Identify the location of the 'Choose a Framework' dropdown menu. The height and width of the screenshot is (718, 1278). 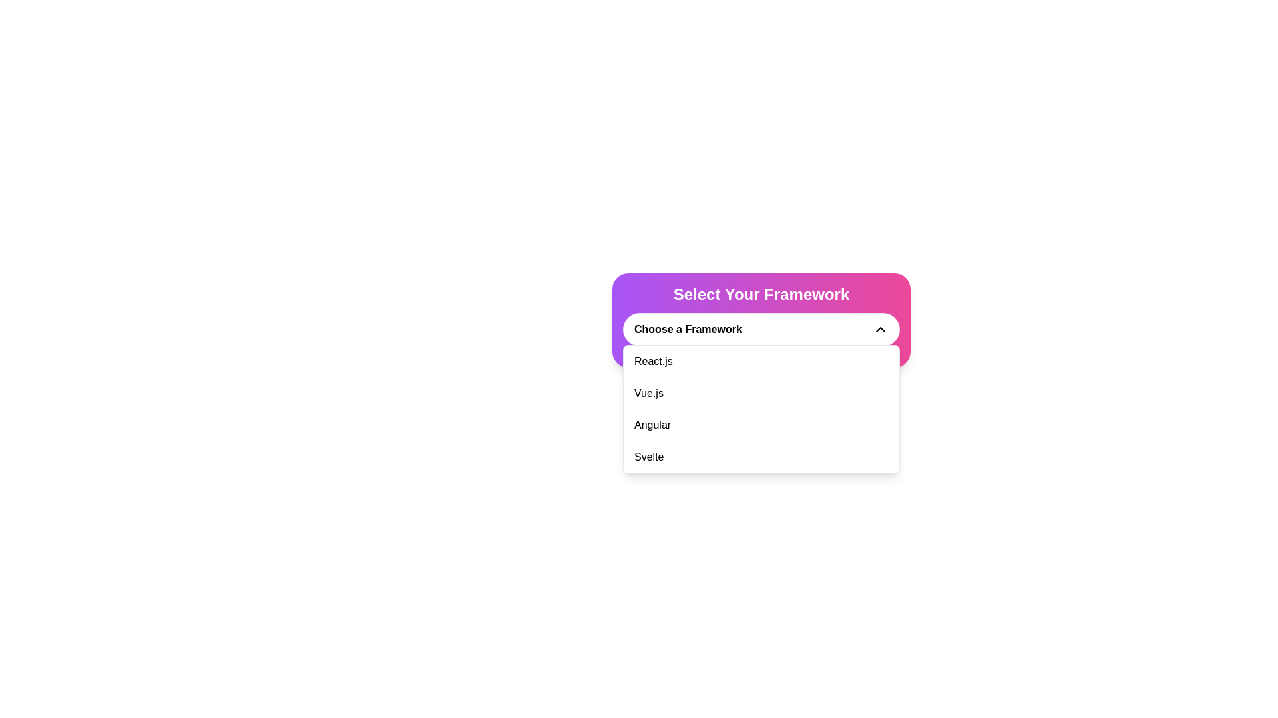
(761, 329).